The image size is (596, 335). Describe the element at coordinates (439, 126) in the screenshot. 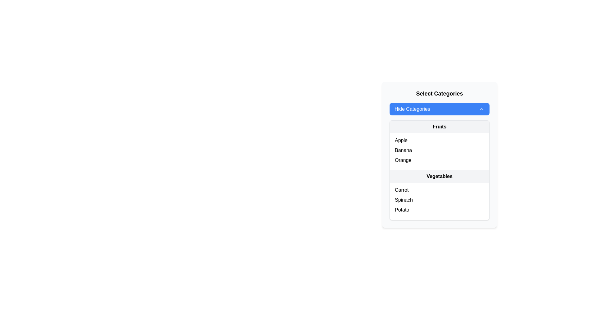

I see `the category label that divides the list under 'Select Categories', positioned above the items 'Apple', 'Banana', and 'Orange'` at that location.